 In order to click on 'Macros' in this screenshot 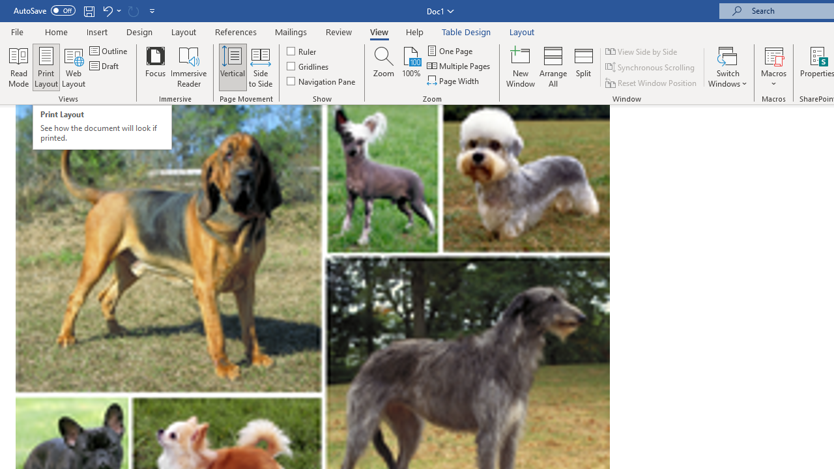, I will do `click(773, 67)`.